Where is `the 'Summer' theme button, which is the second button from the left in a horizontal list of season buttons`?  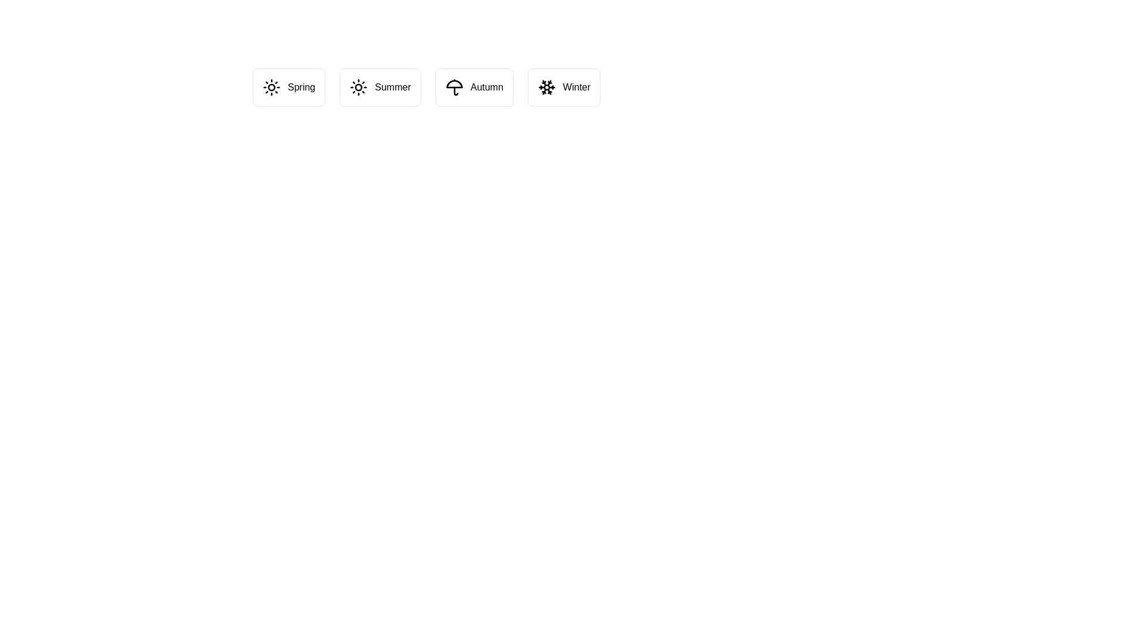 the 'Summer' theme button, which is the second button from the left in a horizontal list of season buttons is located at coordinates (380, 86).